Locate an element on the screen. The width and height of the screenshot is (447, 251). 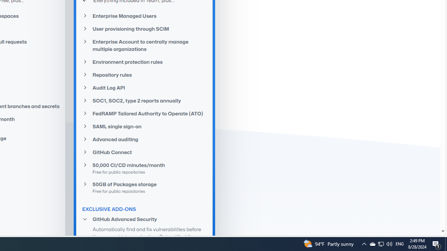
'SOC1, SOC2, type 2 reports annually' is located at coordinates (144, 100).